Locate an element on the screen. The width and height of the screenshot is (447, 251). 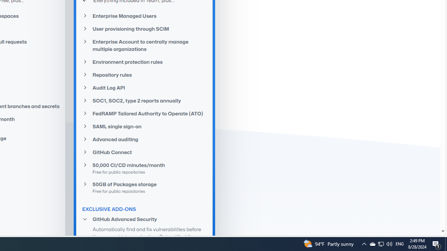
'SOC1, SOC2, type 2 reports annually' is located at coordinates (144, 100).